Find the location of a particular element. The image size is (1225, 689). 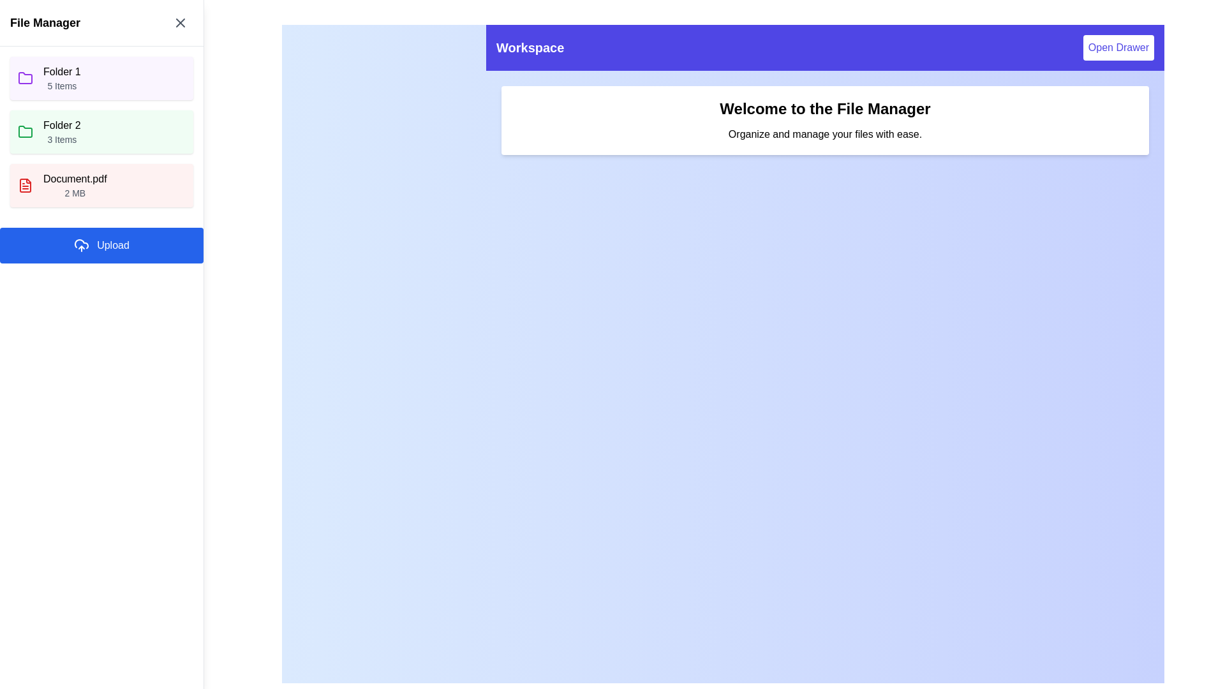

the 'X' shaped close icon located at the top-right corner of the File Manager panel is located at coordinates (180, 22).